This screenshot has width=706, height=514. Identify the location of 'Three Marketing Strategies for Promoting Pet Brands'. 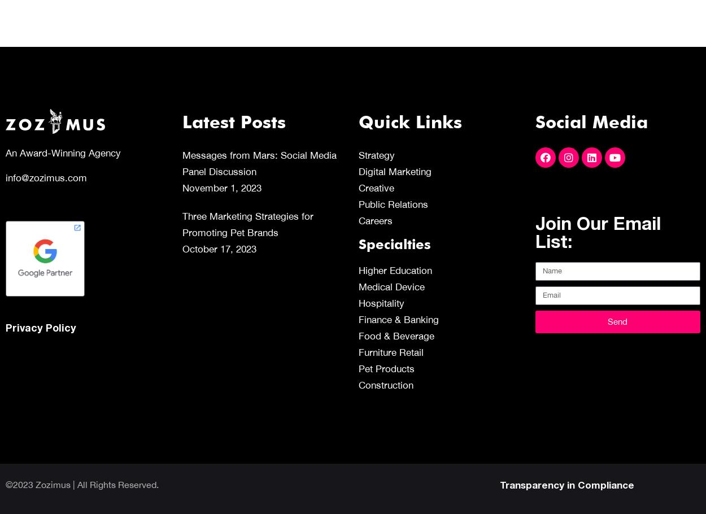
(247, 223).